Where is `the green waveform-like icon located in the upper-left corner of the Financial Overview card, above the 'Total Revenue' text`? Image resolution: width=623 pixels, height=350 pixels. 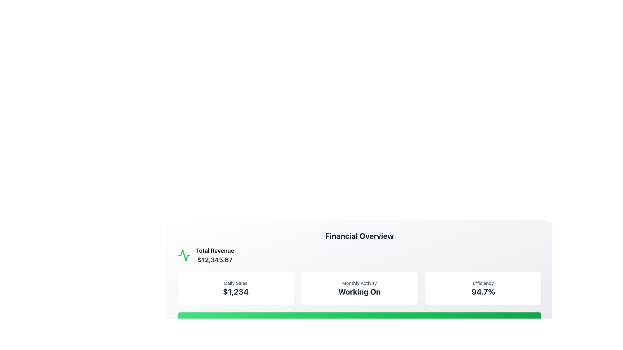 the green waveform-like icon located in the upper-left corner of the Financial Overview card, above the 'Total Revenue' text is located at coordinates (184, 255).